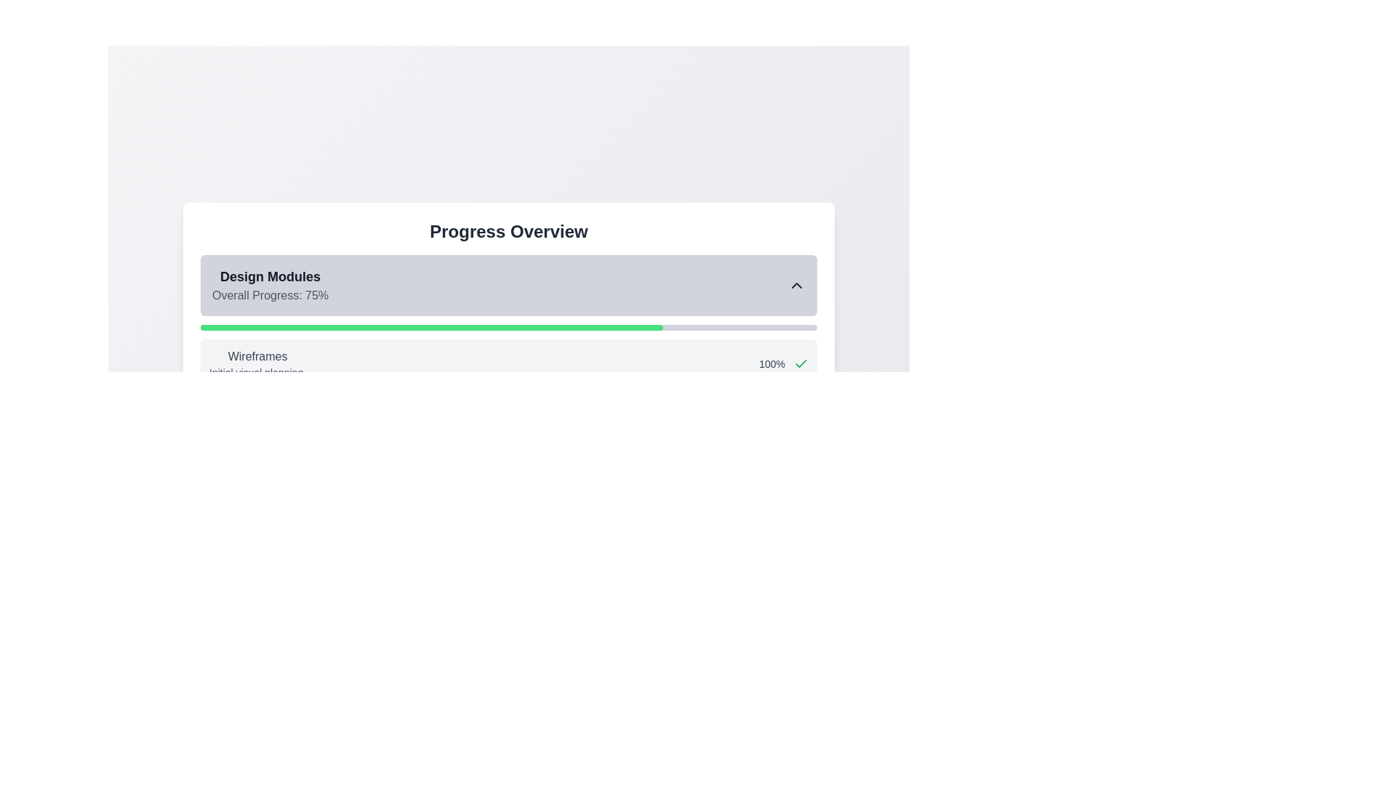 The image size is (1396, 785). I want to click on the textual label that displays information in the progress overview, positioned below the 'Design Modules' progress bar and next to the '100%' text, so click(257, 363).